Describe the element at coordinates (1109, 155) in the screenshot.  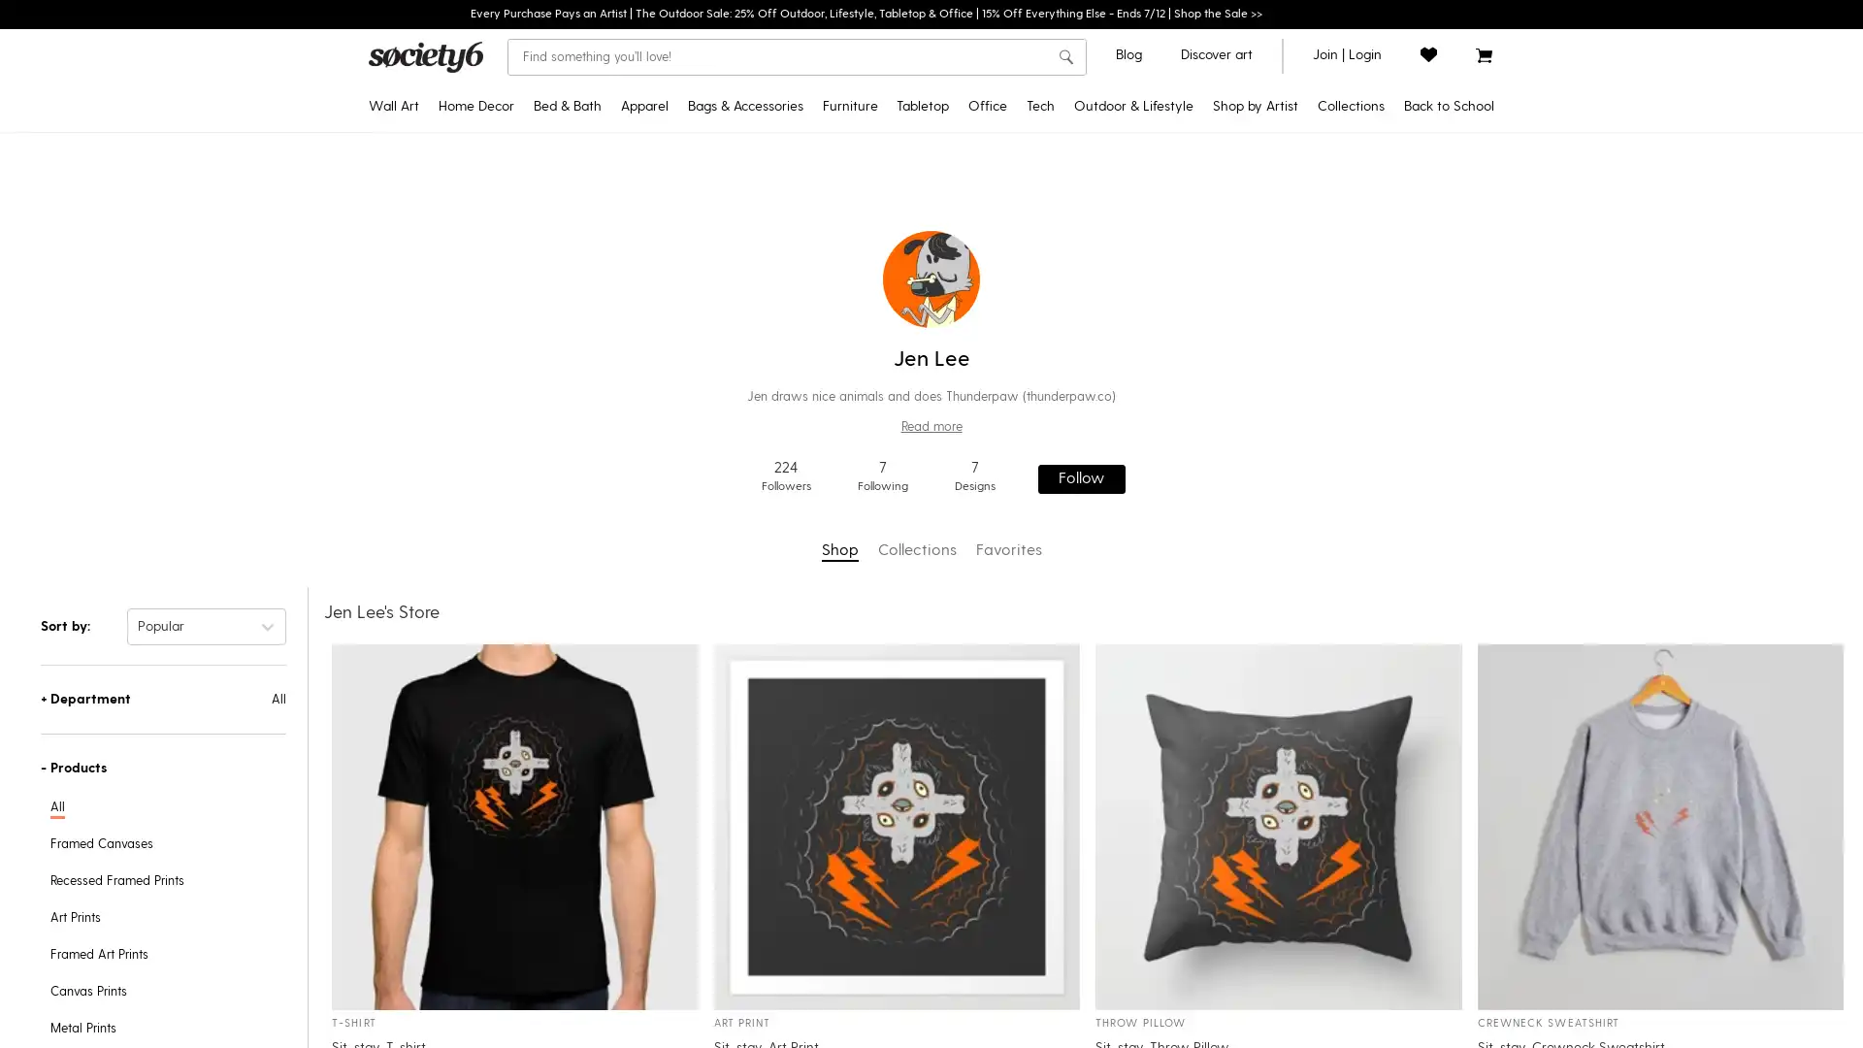
I see `iPhone Cases` at that location.